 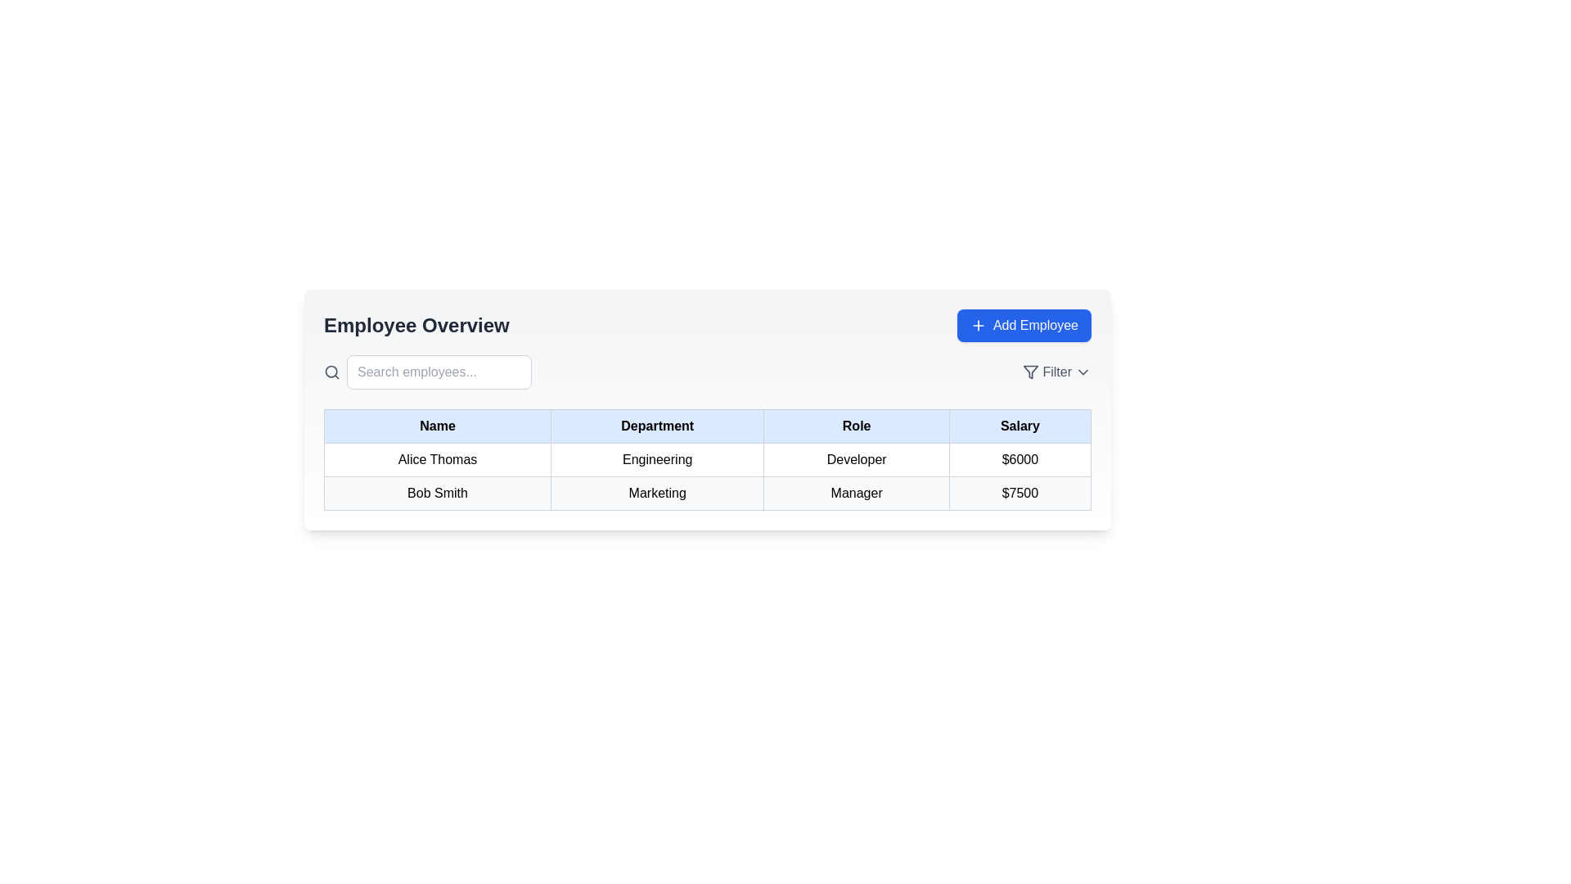 I want to click on the 'Role' column header cell in the table header row, so click(x=856, y=425).